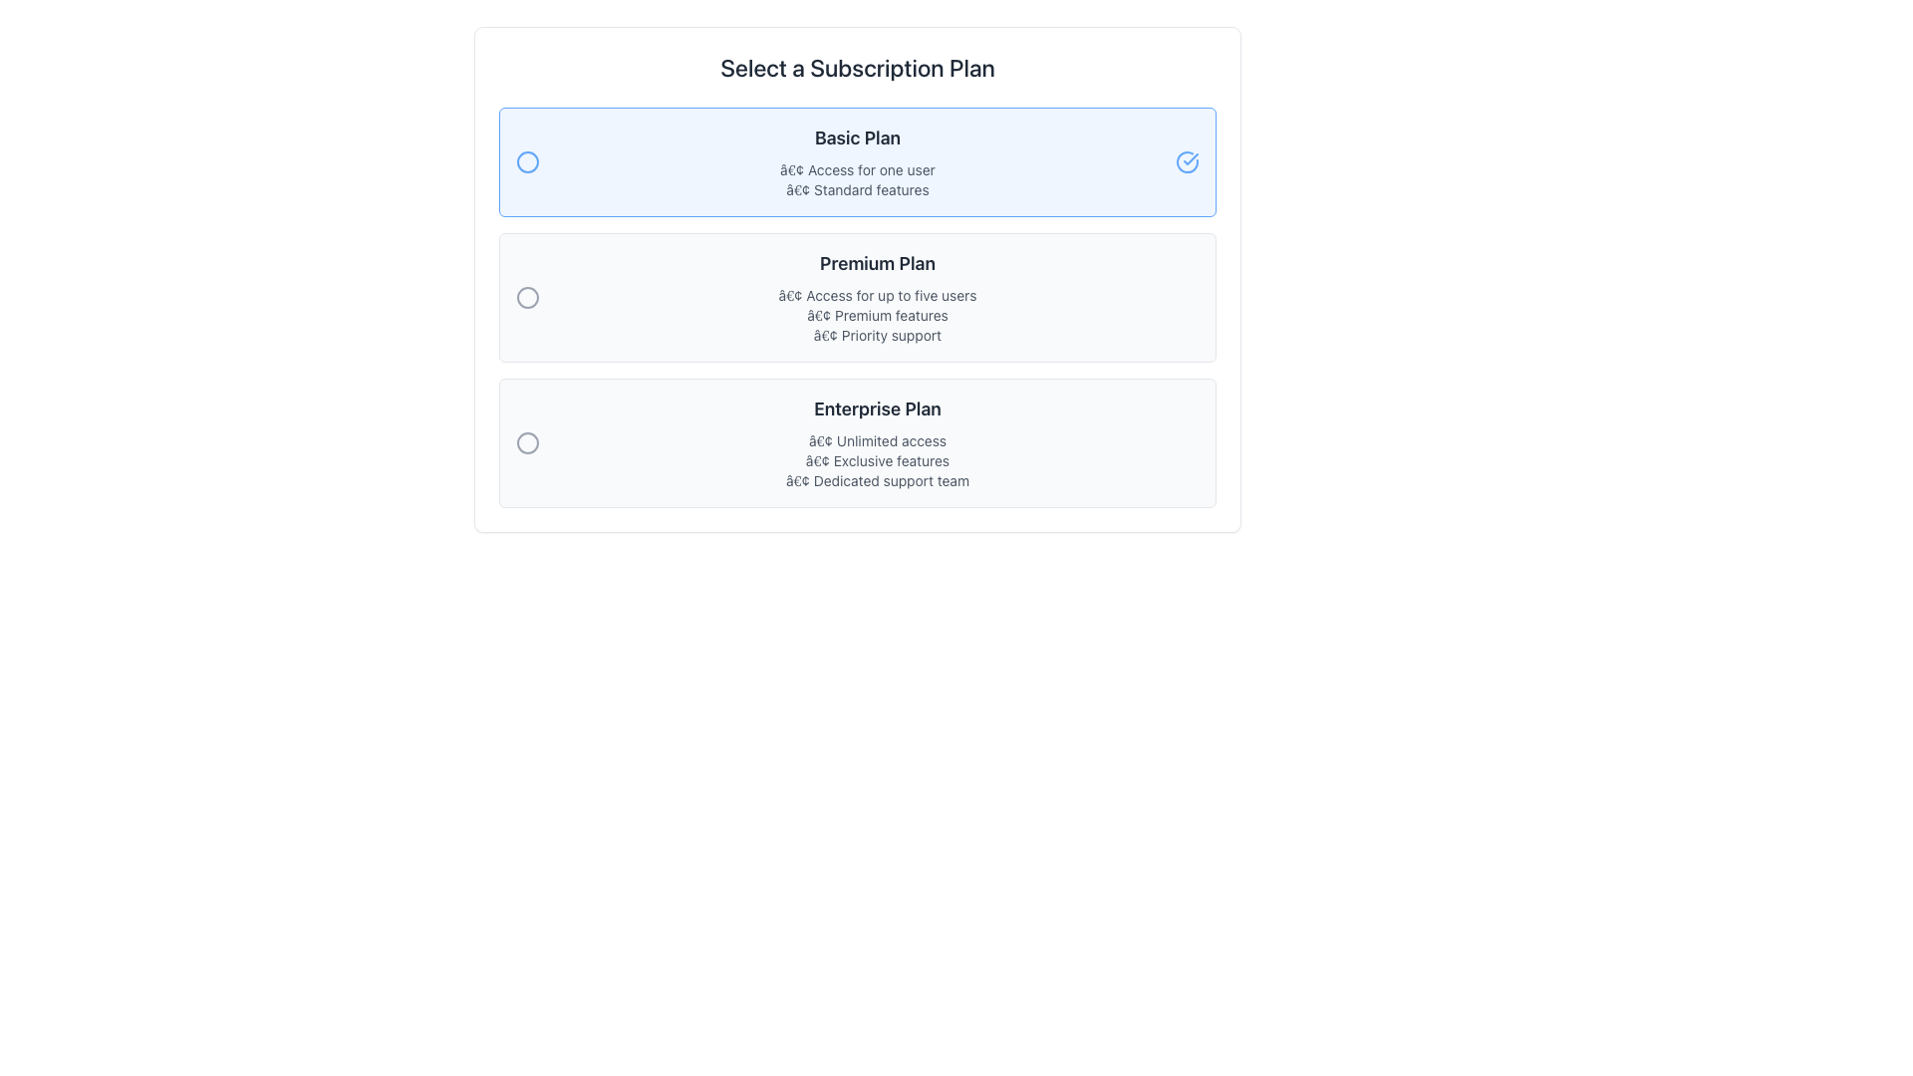  What do you see at coordinates (877, 440) in the screenshot?
I see `the text element that reads '• Unlimited access', styled in gray, located as the first item in the Enterprise Plan section list` at bounding box center [877, 440].